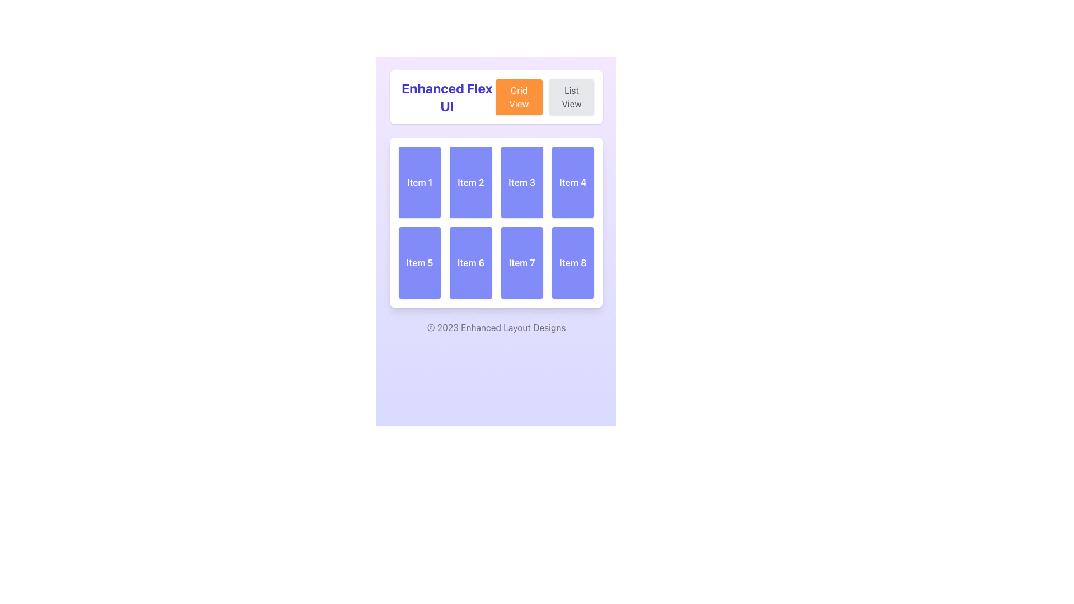 This screenshot has width=1074, height=604. Describe the element at coordinates (419, 182) in the screenshot. I see `the 'Item 1' button, which is the first item in a 4x2 grid layout` at that location.